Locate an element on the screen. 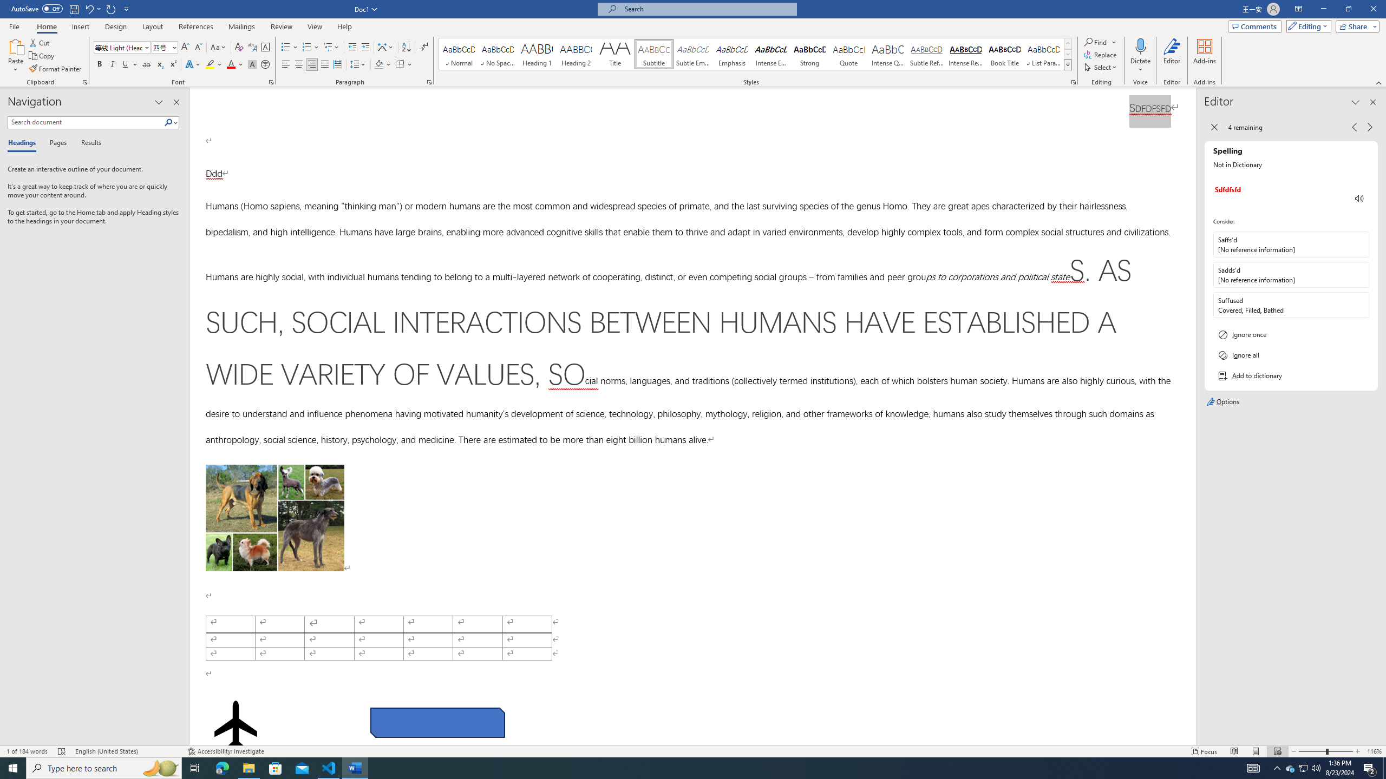  'More options for Sadds' is located at coordinates (1359, 275).